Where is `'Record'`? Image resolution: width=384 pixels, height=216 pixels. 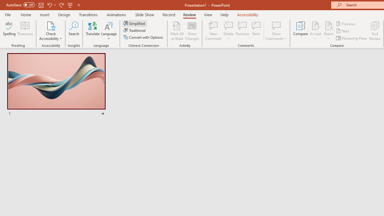 'Record' is located at coordinates (168, 14).